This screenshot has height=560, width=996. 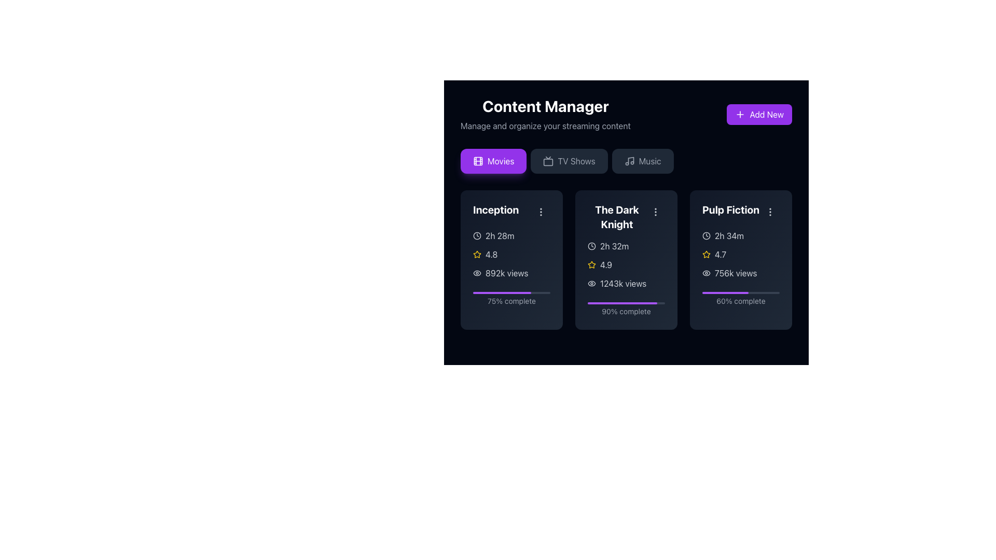 I want to click on completion text '60% complete' from the progress indicator located at the bottom section of the 'Pulp Fiction' card in the Movies section, so click(x=740, y=297).